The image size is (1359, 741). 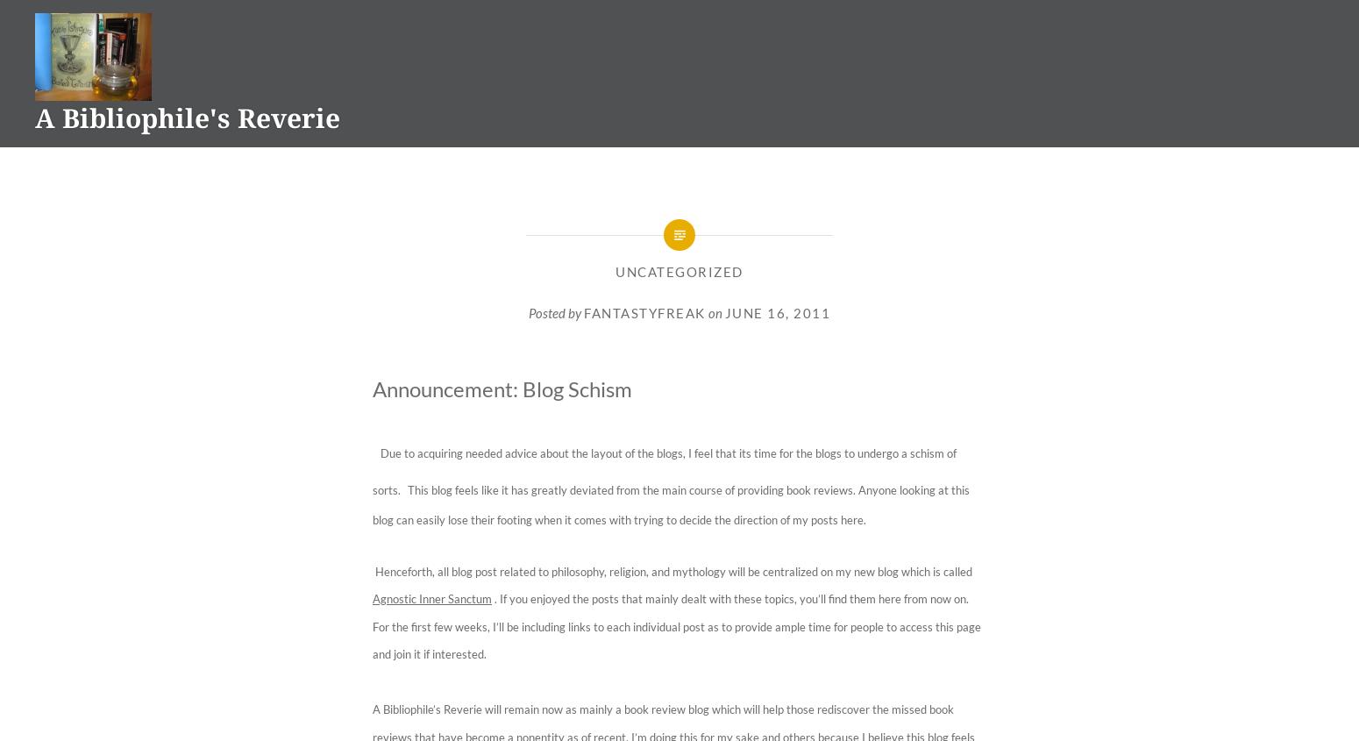 What do you see at coordinates (677, 625) in the screenshot?
I see `'. If you enjoyed the posts that mainly dealt with these topics, you’ll find them here from now on. For the first few weeks, I’ll be including links to each individual post as to provide ample time for people to access this page and join it if interested.'` at bounding box center [677, 625].